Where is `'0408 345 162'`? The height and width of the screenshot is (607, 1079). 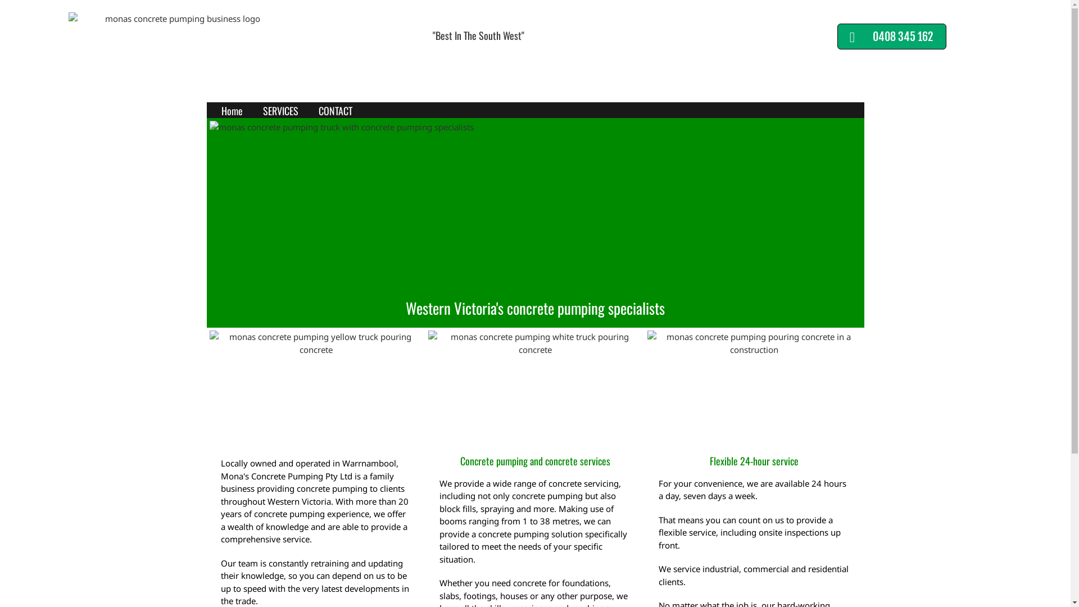 '0408 345 162' is located at coordinates (891, 36).